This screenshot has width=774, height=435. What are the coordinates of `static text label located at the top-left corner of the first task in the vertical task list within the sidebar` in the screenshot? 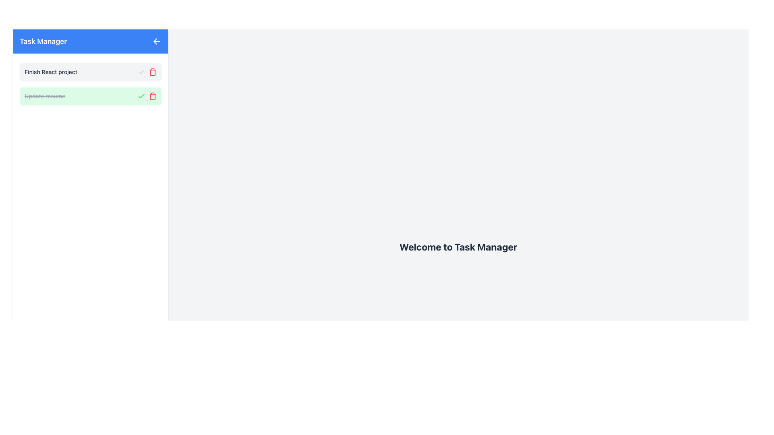 It's located at (50, 71).